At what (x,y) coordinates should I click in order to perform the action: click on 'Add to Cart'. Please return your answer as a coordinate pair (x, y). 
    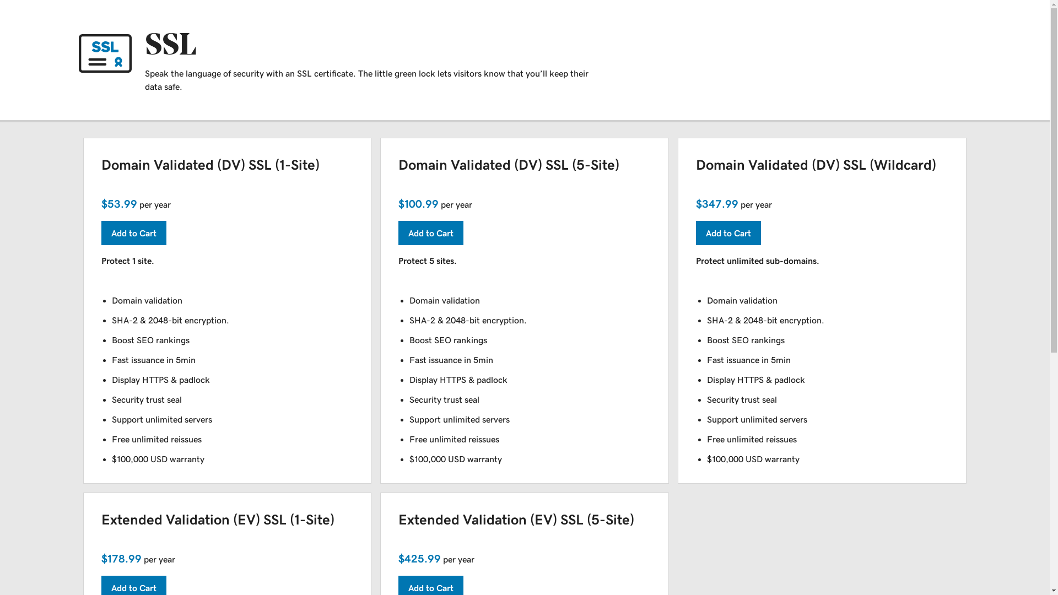
    Looking at the image, I should click on (430, 232).